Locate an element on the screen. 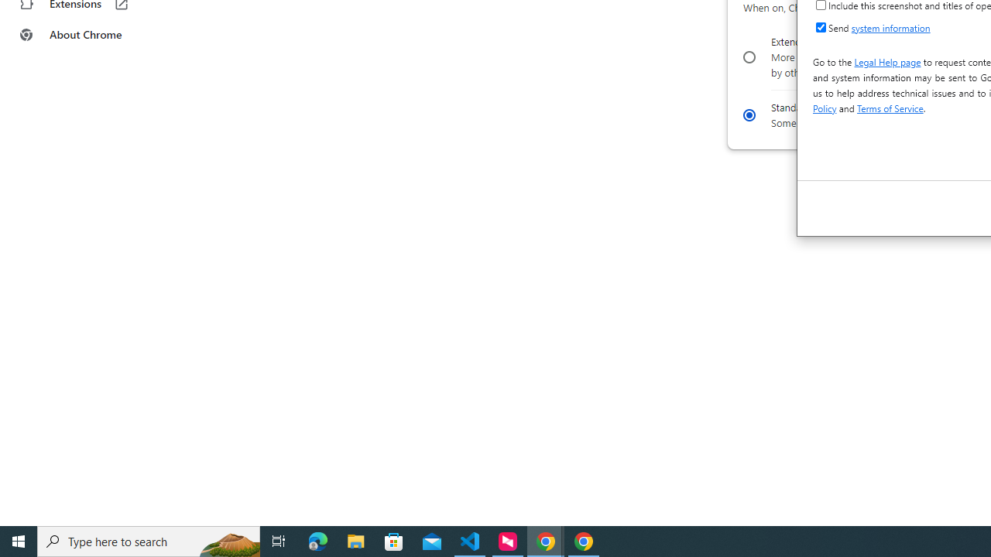 The image size is (991, 557). 'Standard preloading' is located at coordinates (749, 114).